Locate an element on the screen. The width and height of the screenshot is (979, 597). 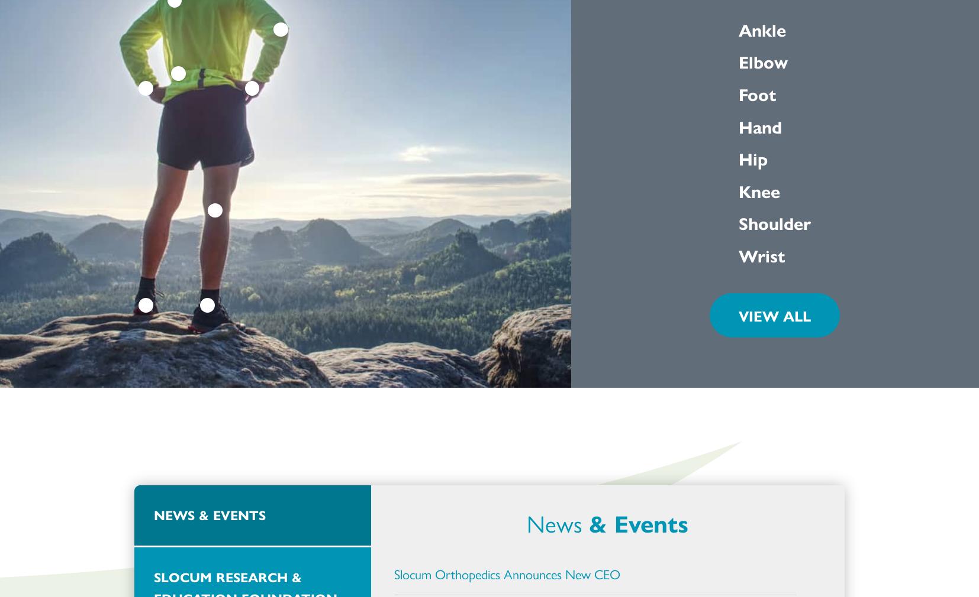
'& Events' is located at coordinates (638, 523).